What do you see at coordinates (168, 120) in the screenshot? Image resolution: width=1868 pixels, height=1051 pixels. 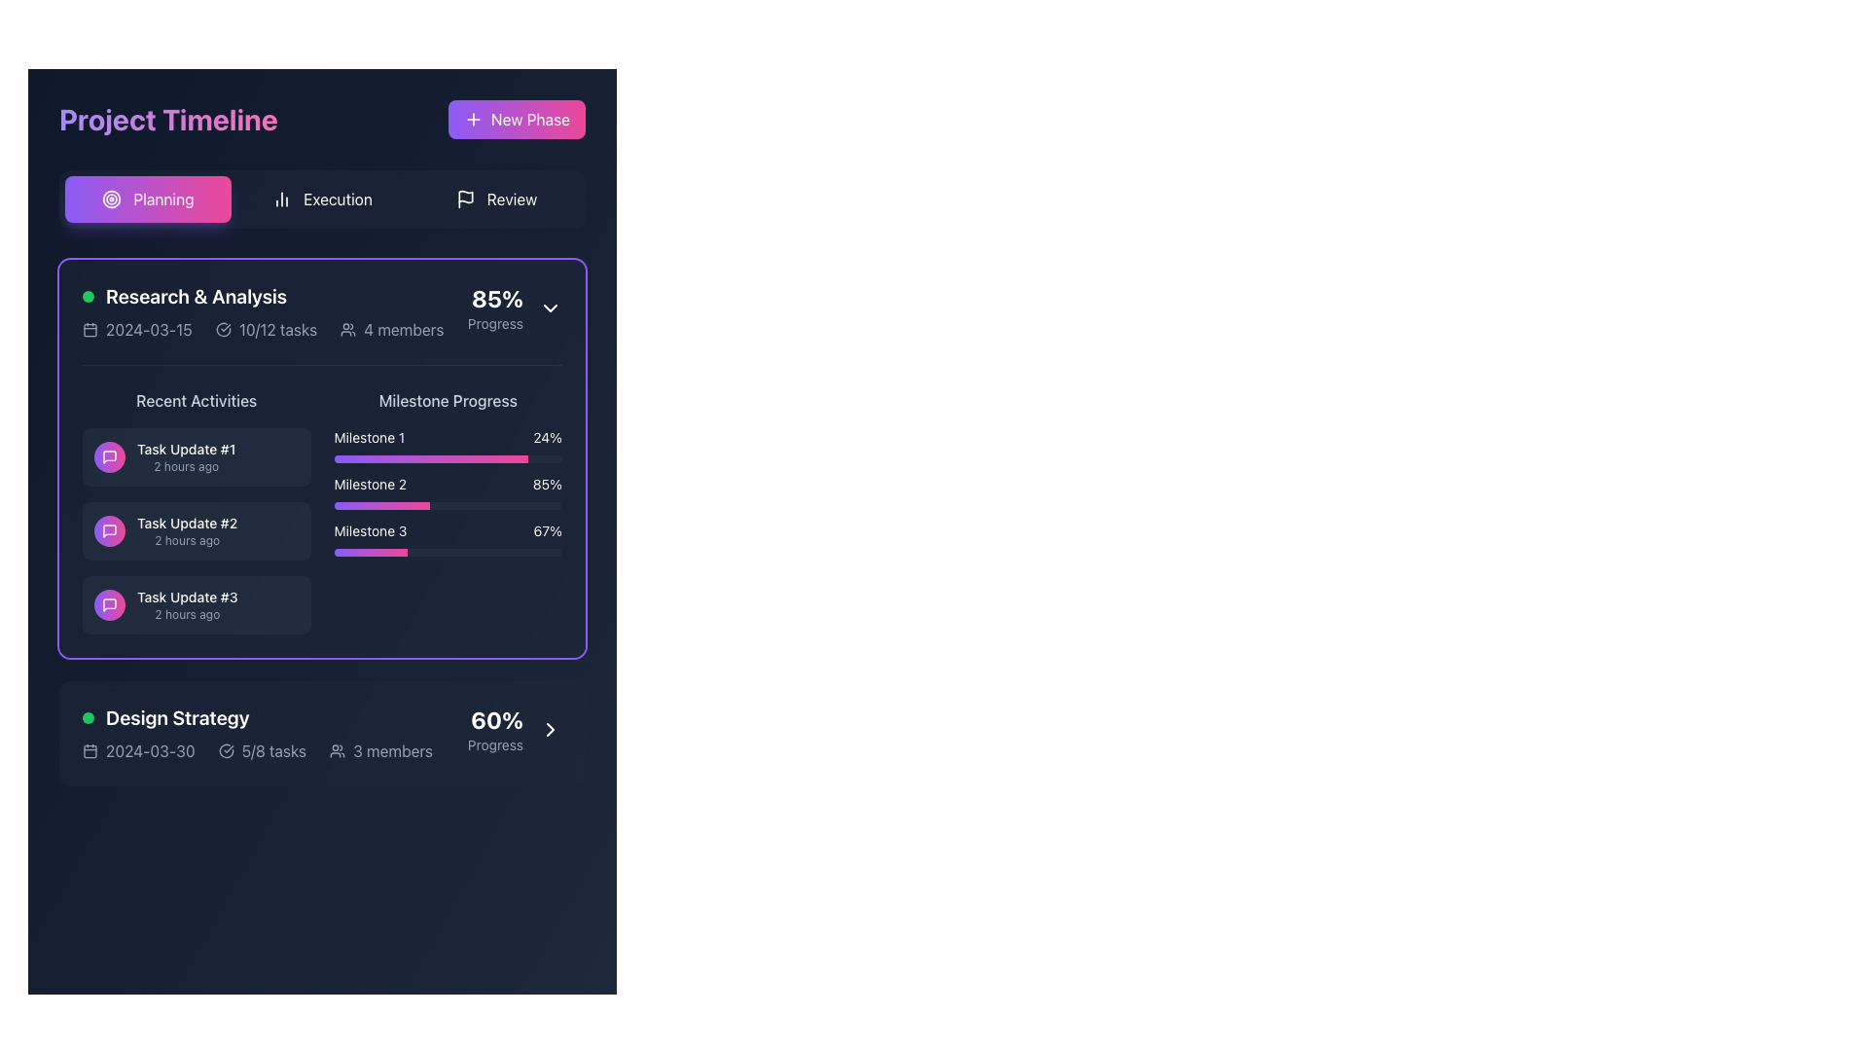 I see `the bold, large-sized text heading that reads 'Project Timeline', which features a gradient color style transitioning from violet to pink, located in the upper-left section of the interface` at bounding box center [168, 120].